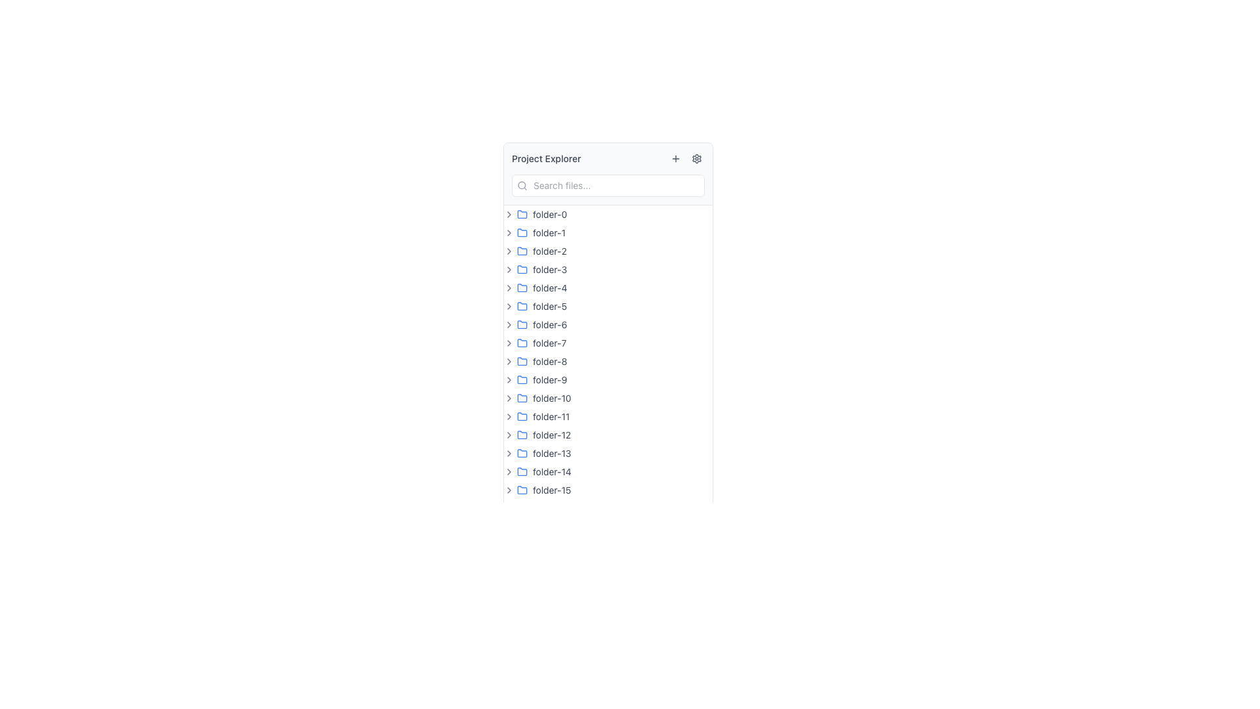 This screenshot has width=1260, height=709. What do you see at coordinates (607, 397) in the screenshot?
I see `on the list item entry for the folder named 'folder-10' in the file explorer` at bounding box center [607, 397].